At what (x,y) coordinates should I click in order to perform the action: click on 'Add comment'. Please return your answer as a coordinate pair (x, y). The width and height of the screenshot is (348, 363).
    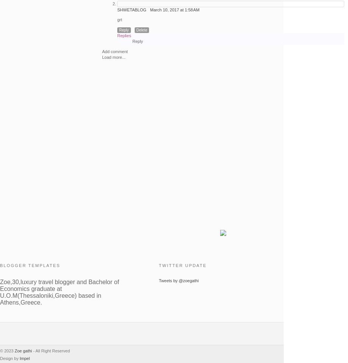
    Looking at the image, I should click on (115, 51).